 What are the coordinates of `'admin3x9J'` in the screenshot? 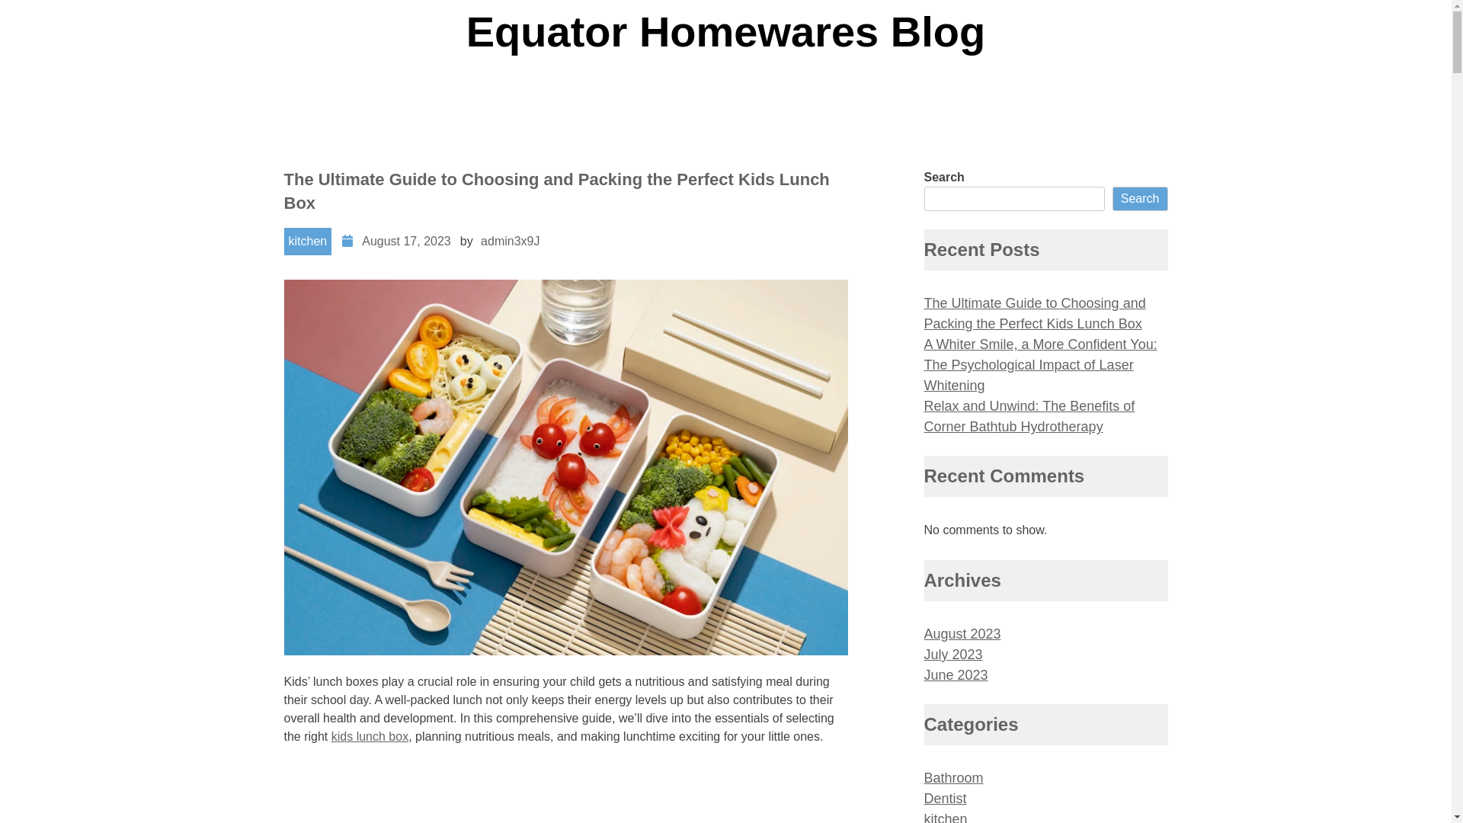 It's located at (510, 240).